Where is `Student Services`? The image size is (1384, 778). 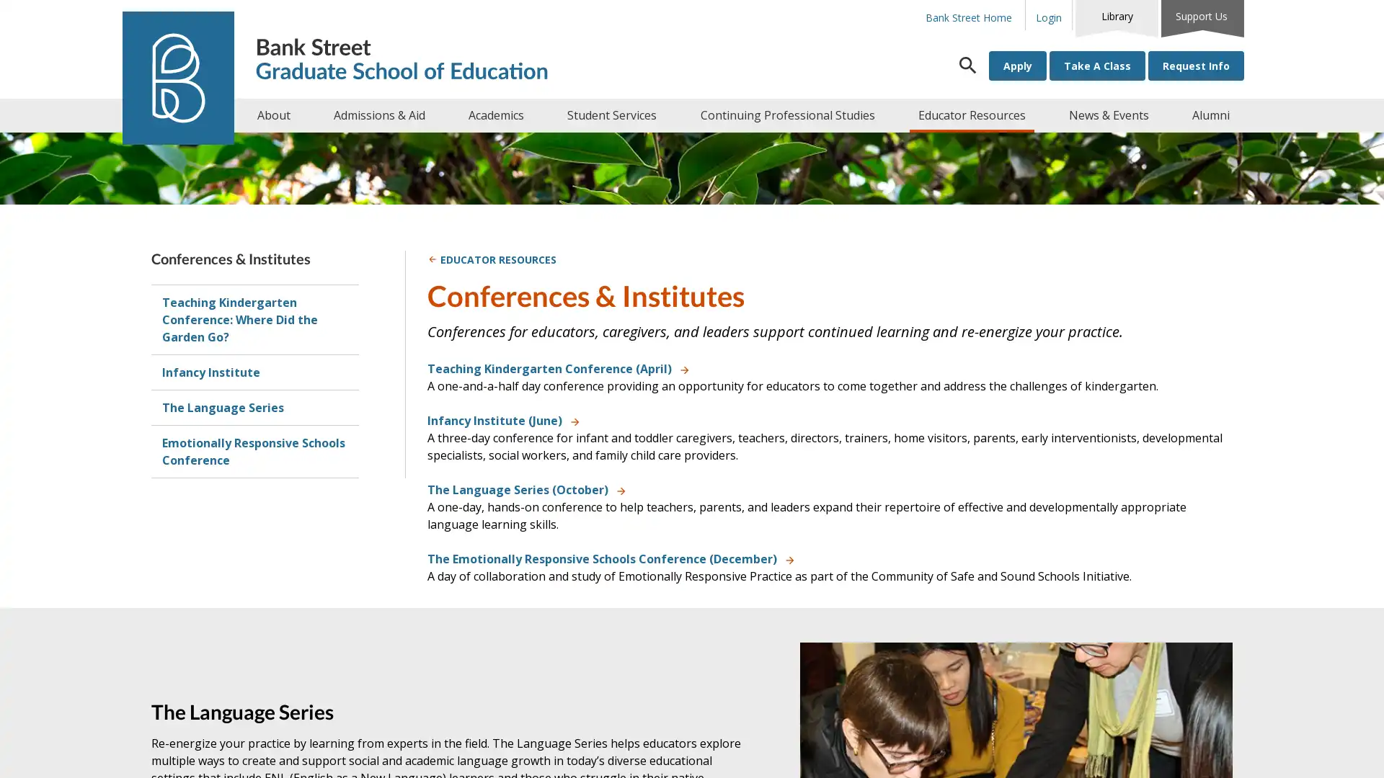 Student Services is located at coordinates (612, 115).